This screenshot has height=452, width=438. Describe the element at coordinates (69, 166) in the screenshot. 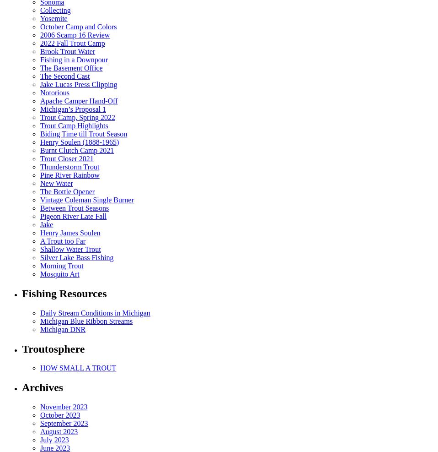

I see `'Thunderstorm Trout'` at that location.